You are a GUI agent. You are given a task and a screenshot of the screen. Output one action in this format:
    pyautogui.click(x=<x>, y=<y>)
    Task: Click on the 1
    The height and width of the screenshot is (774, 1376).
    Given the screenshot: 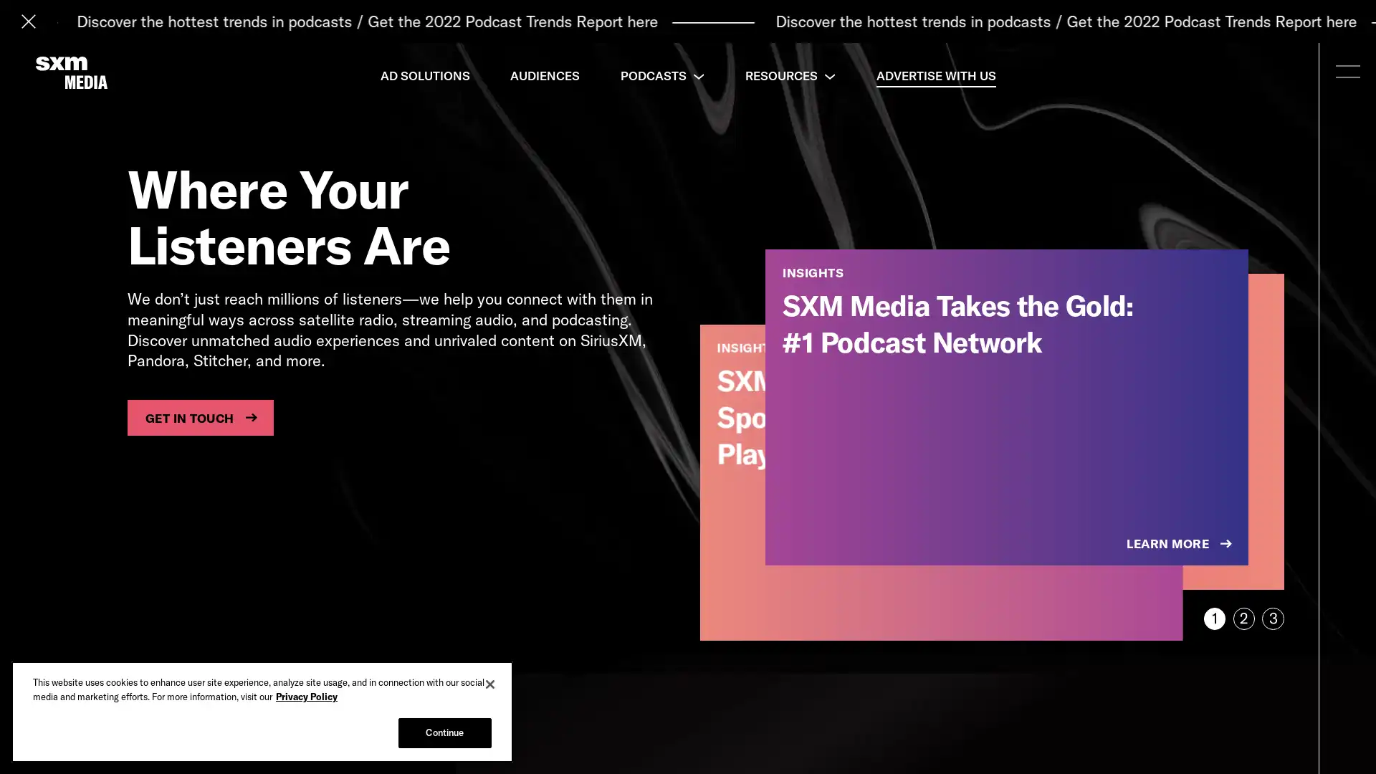 What is the action you would take?
    pyautogui.click(x=1213, y=618)
    